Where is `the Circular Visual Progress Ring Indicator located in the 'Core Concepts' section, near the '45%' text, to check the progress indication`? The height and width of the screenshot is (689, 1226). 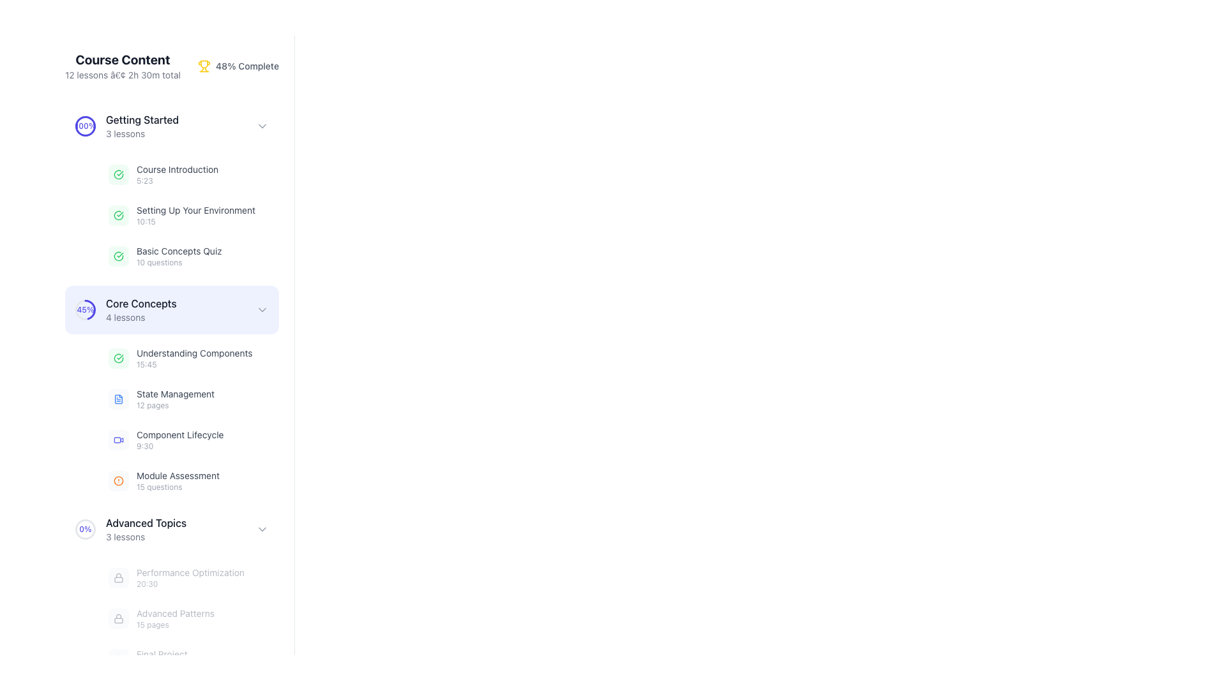
the Circular Visual Progress Ring Indicator located in the 'Core Concepts' section, near the '45%' text, to check the progress indication is located at coordinates (85, 310).